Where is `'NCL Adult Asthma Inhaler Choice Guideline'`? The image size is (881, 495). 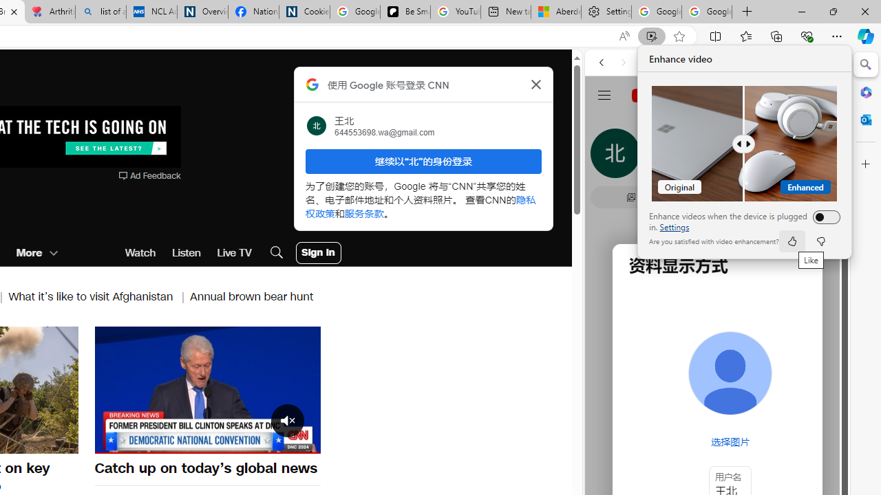 'NCL Adult Asthma Inhaler Choice Guideline' is located at coordinates (151, 12).